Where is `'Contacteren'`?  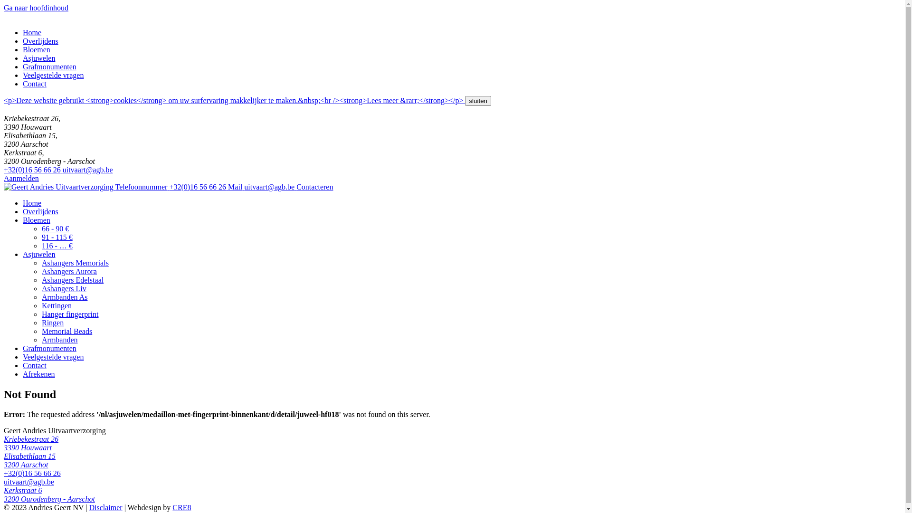 'Contacteren' is located at coordinates (314, 187).